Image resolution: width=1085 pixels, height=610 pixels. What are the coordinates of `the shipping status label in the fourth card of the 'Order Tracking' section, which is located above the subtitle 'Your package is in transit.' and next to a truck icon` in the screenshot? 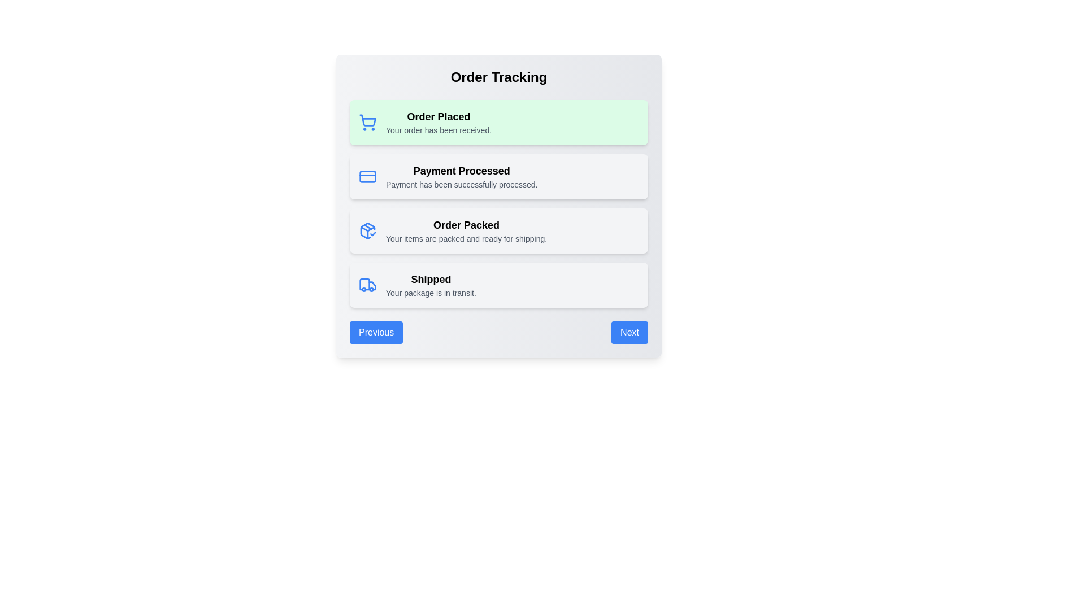 It's located at (430, 279).